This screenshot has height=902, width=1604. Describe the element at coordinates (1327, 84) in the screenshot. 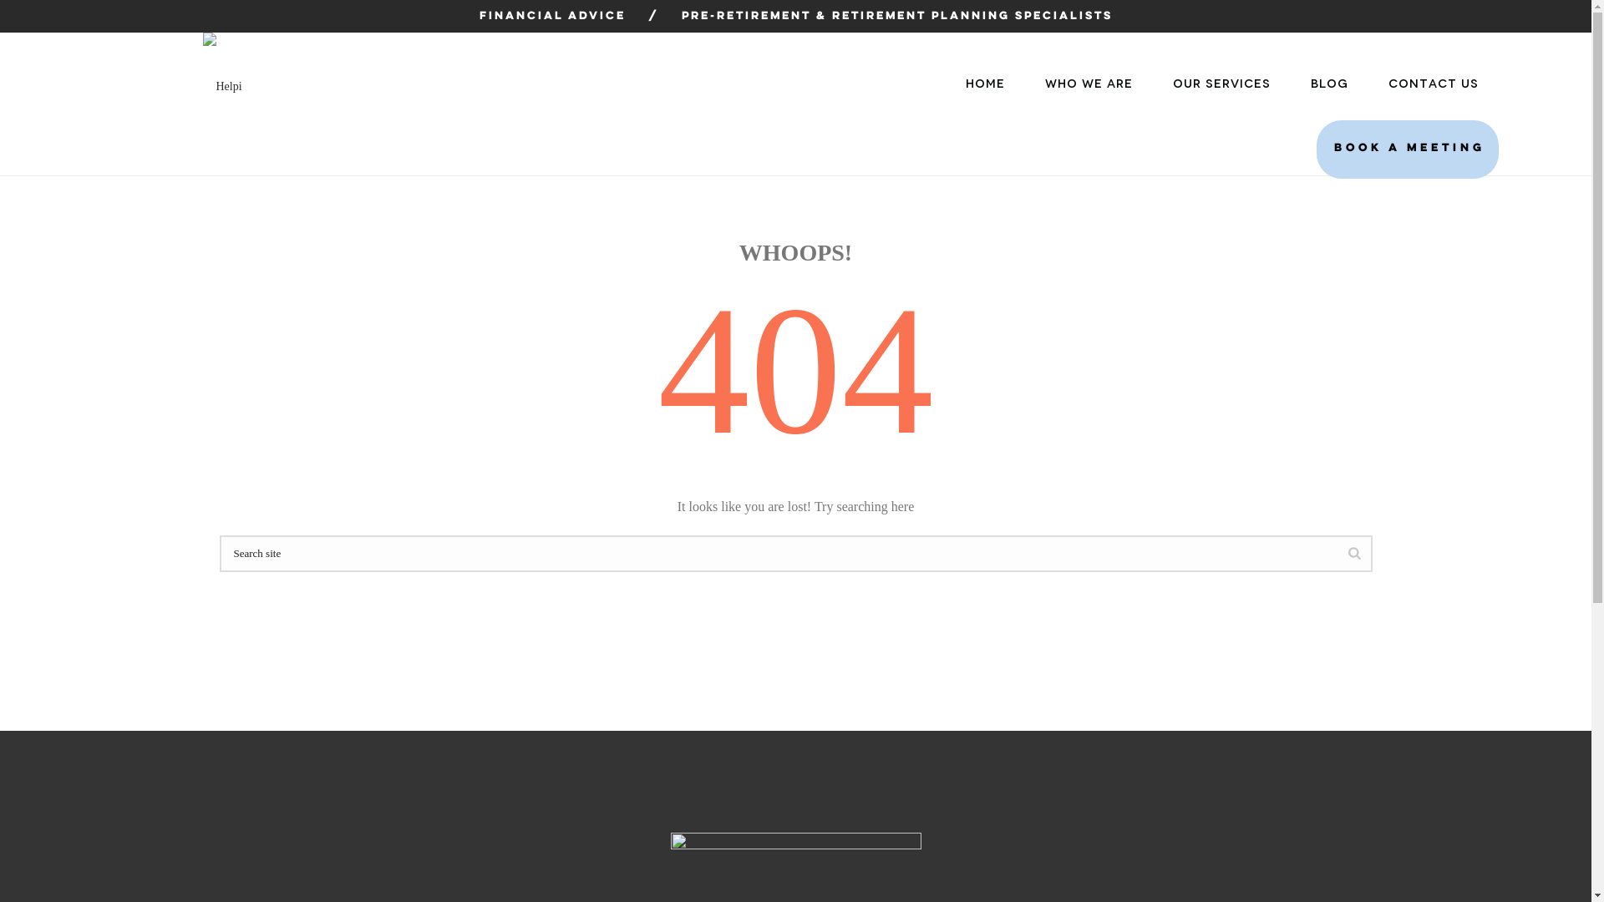

I see `'BLOG'` at that location.